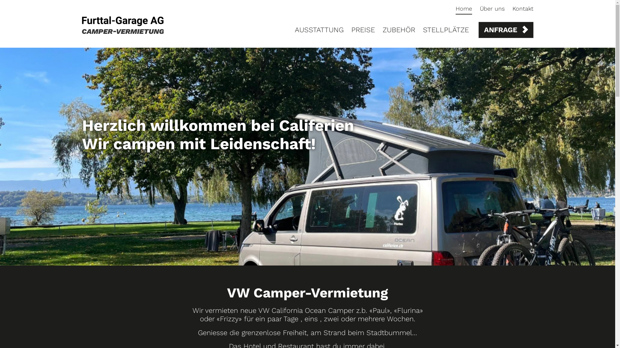 This screenshot has width=620, height=348. I want to click on 'PREISE', so click(363, 30).